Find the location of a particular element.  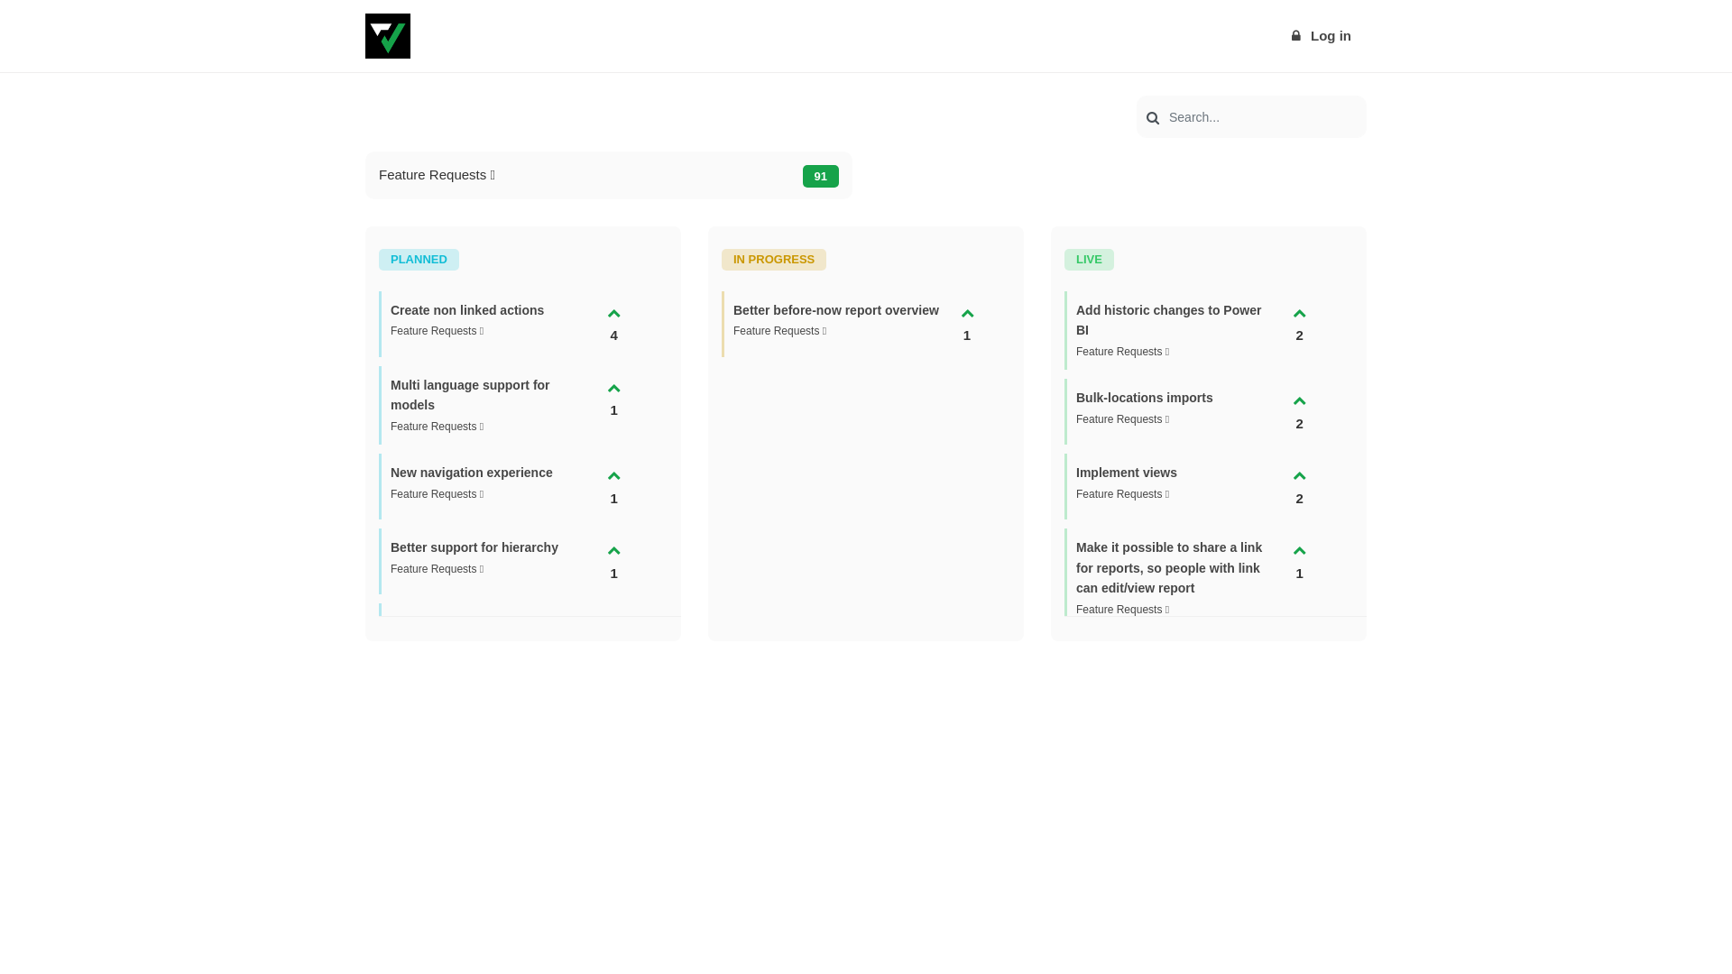

'Create non linked actions' is located at coordinates (467, 308).